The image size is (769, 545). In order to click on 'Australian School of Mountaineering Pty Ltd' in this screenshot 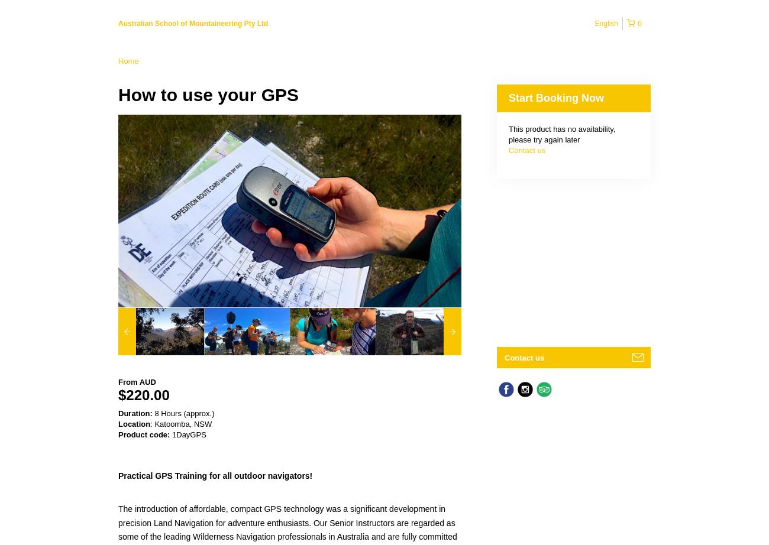, I will do `click(118, 24)`.